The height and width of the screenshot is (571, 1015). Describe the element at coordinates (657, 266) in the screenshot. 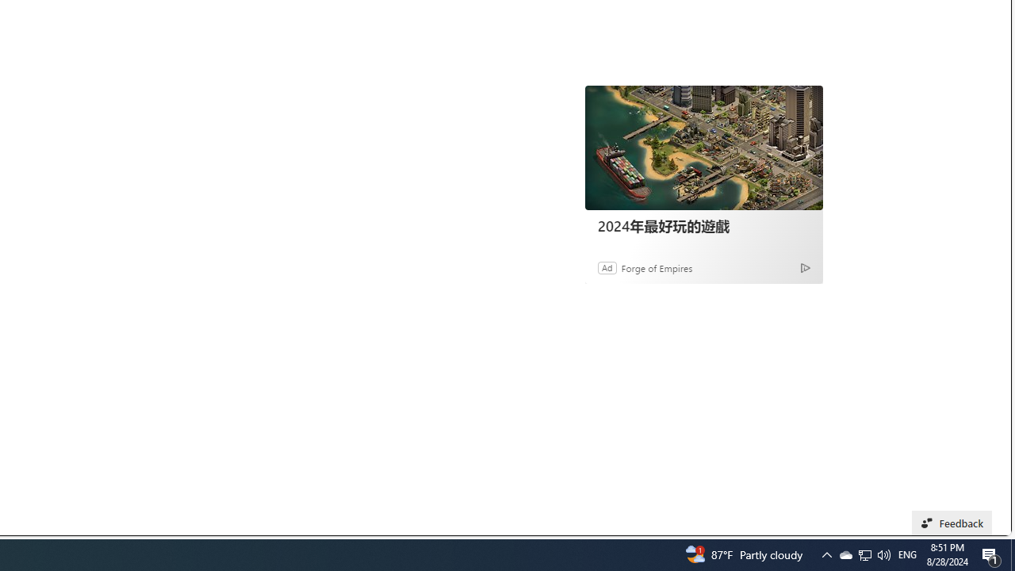

I see `'Forge of Empires'` at that location.